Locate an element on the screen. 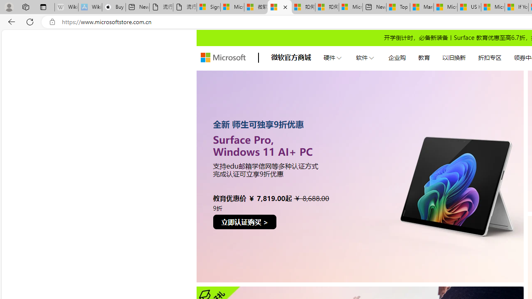 The image size is (532, 299). 'Buy iPad - Apple' is located at coordinates (113, 7).